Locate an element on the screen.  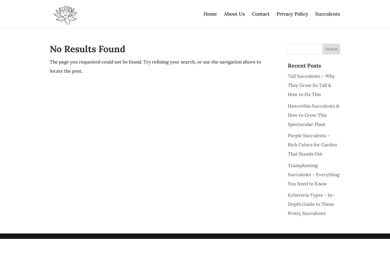
'No Results Found' is located at coordinates (87, 49).